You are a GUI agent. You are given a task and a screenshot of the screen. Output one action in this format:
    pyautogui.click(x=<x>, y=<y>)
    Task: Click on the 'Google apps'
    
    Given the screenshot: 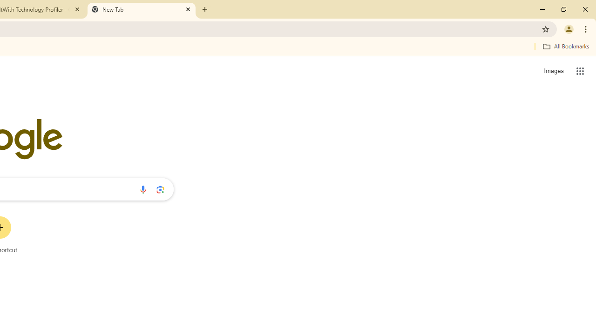 What is the action you would take?
    pyautogui.click(x=580, y=71)
    